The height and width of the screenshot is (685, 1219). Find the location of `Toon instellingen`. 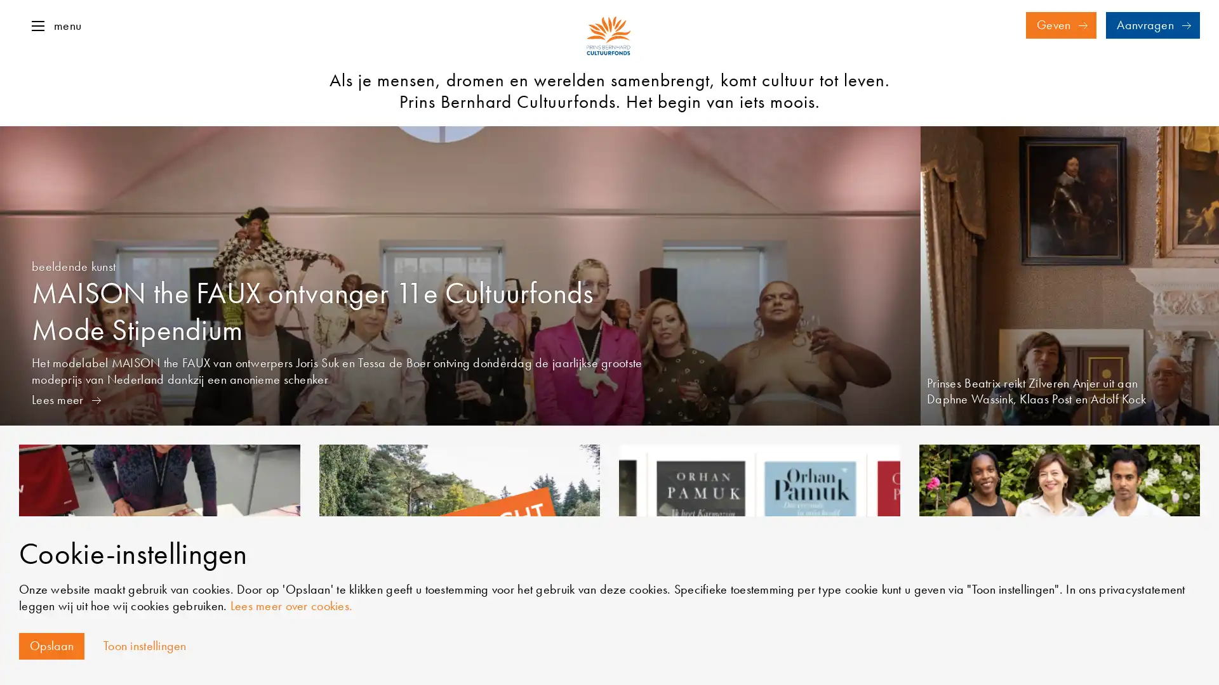

Toon instellingen is located at coordinates (135, 646).